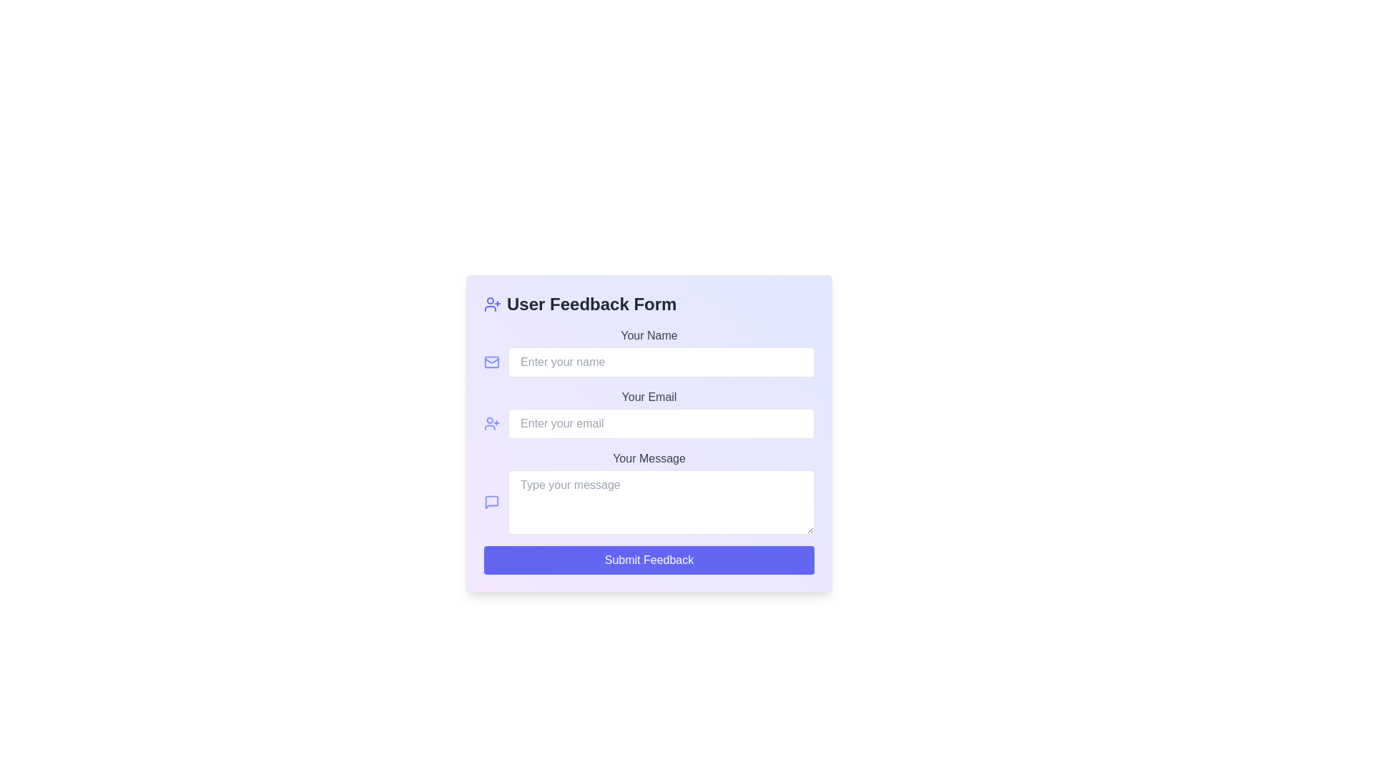 The width and height of the screenshot is (1373, 772). Describe the element at coordinates (492, 361) in the screenshot. I see `background component of the SVG icon representing email functionality, which is located in the top-left quadrant of the form, adjacent to the input field titled 'Your Name.'` at that location.